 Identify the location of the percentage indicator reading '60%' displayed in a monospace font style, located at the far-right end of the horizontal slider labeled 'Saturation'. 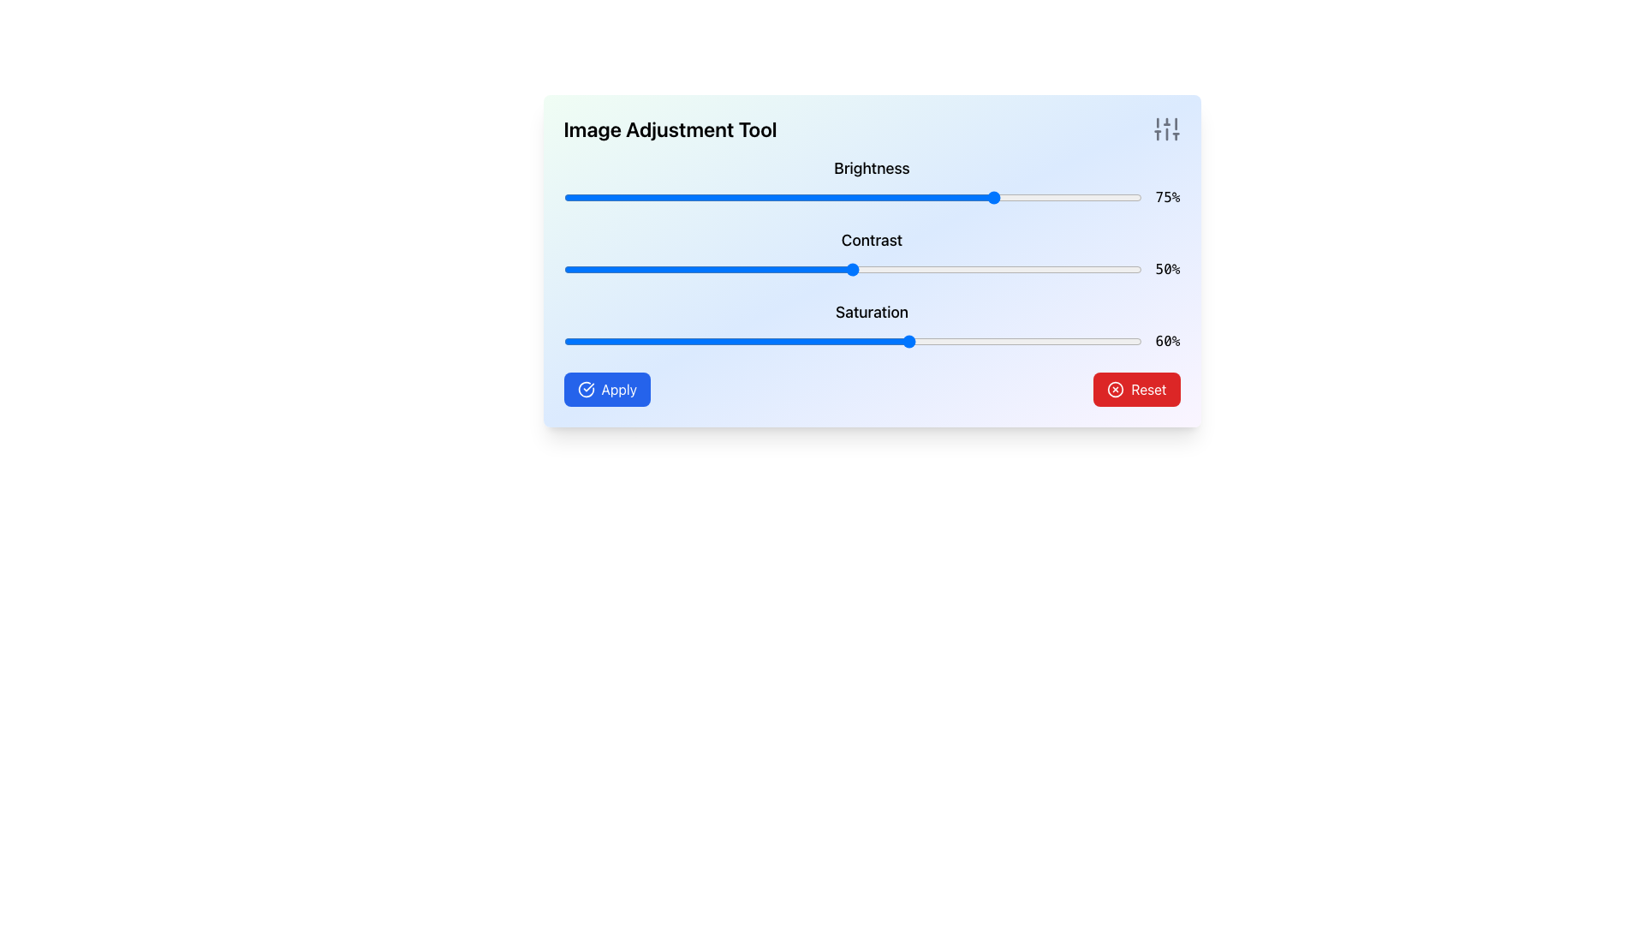
(872, 341).